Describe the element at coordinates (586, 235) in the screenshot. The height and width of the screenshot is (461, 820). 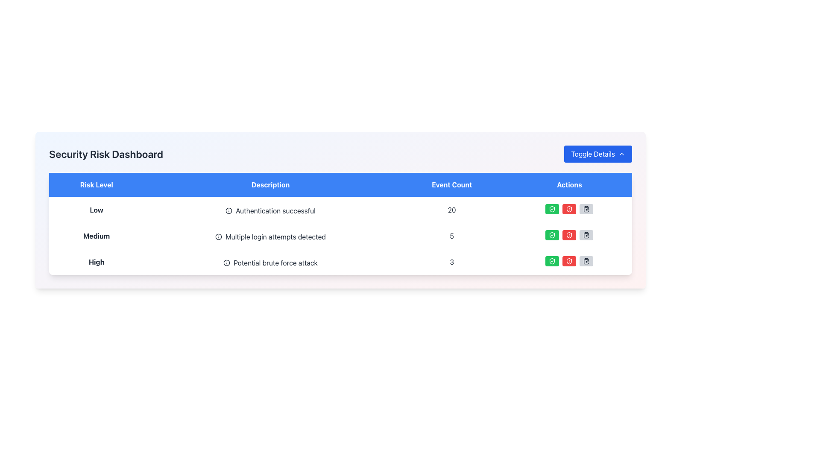
I see `the clipboard icon in the 'Actions' column of the 'Low' risk level row` at that location.